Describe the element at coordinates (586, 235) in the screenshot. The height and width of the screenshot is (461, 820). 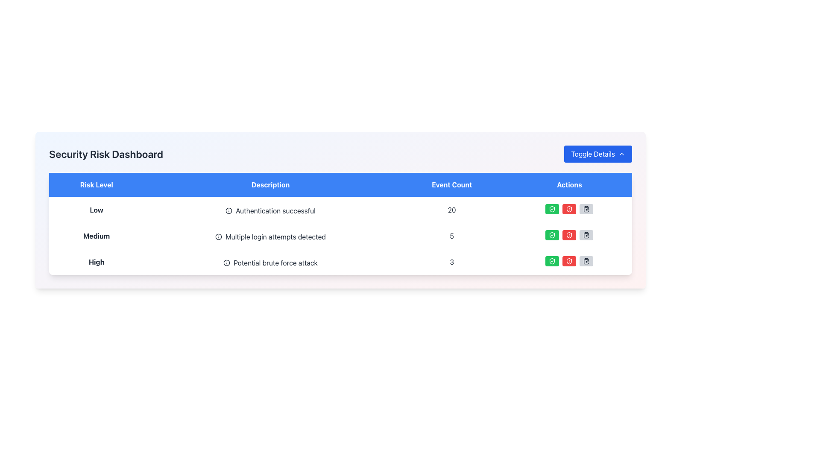
I see `the clipboard icon in the 'Actions' column of the 'Low' risk level row` at that location.